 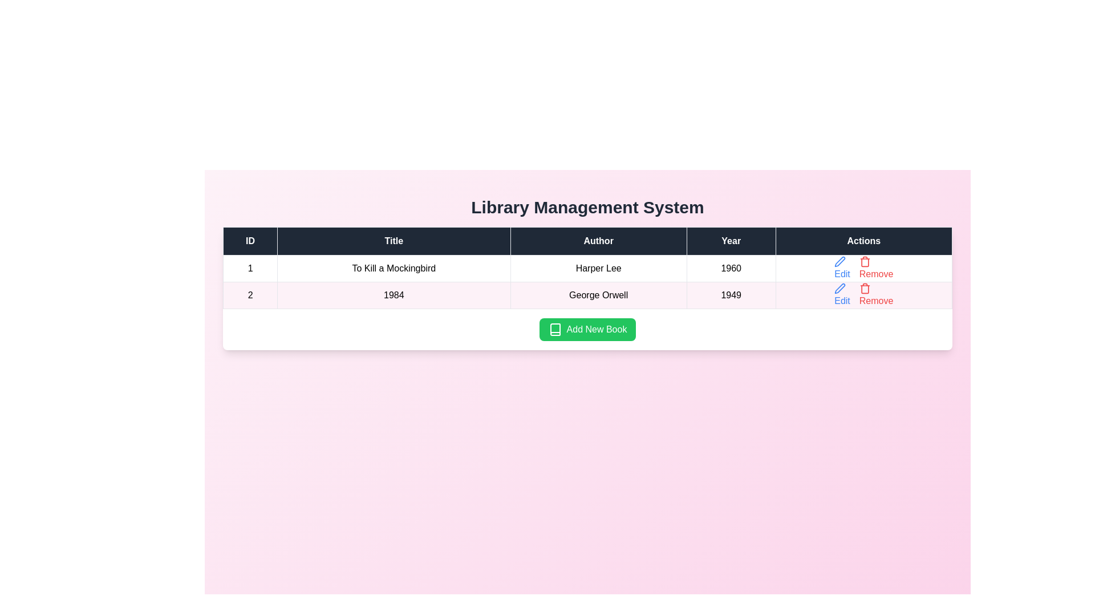 I want to click on the red 'Remove' button with a trashcan icon located, so click(x=875, y=268).